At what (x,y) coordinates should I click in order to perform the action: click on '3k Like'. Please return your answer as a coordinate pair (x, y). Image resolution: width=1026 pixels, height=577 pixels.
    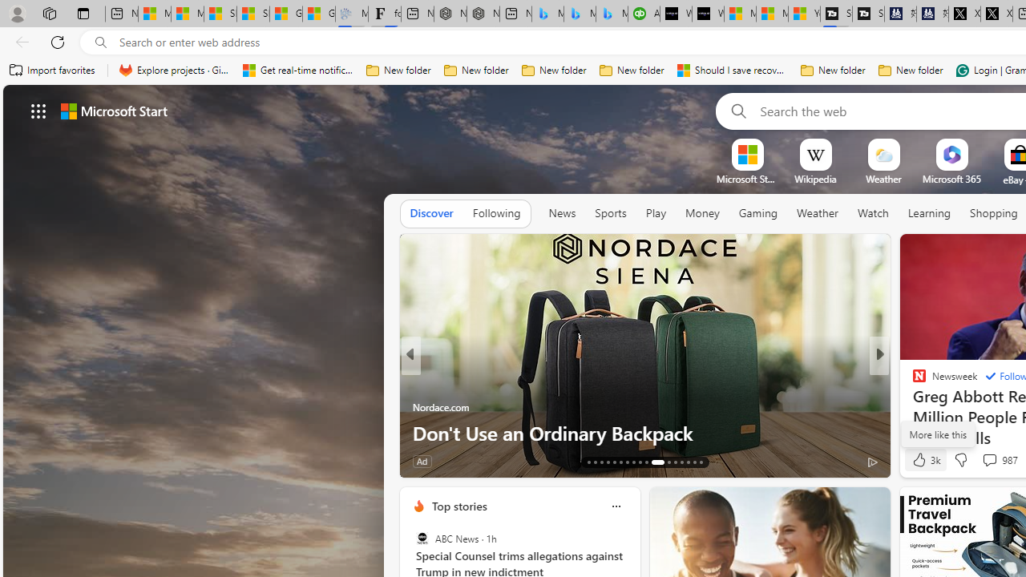
    Looking at the image, I should click on (925, 460).